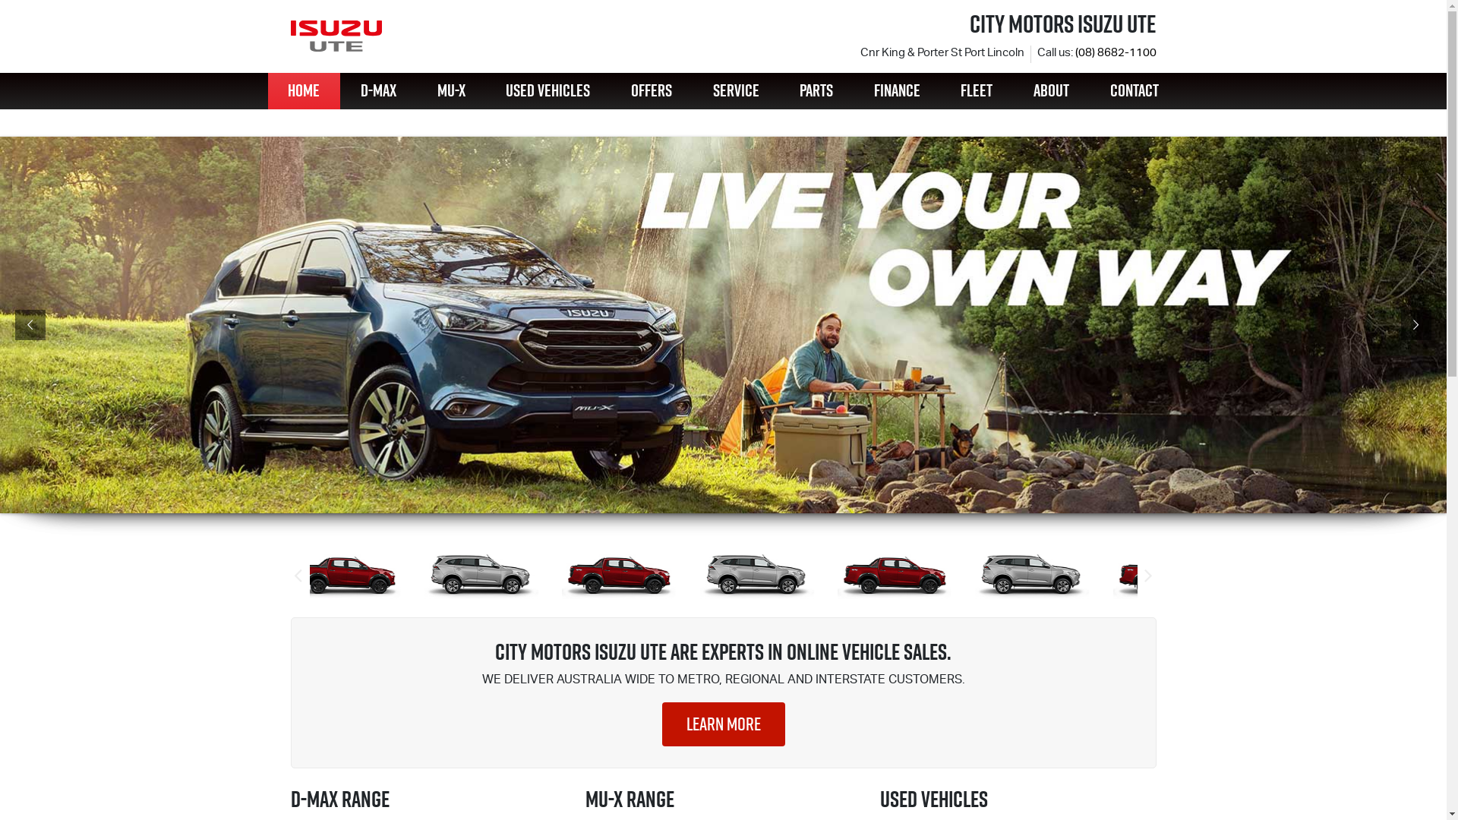 This screenshot has height=820, width=1458. What do you see at coordinates (1050, 90) in the screenshot?
I see `'ABOUT'` at bounding box center [1050, 90].